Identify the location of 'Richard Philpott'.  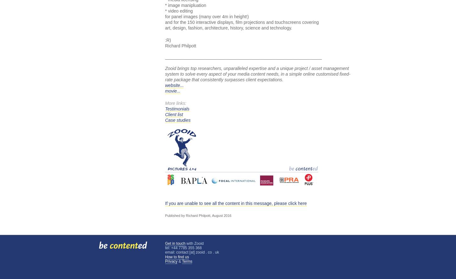
(181, 46).